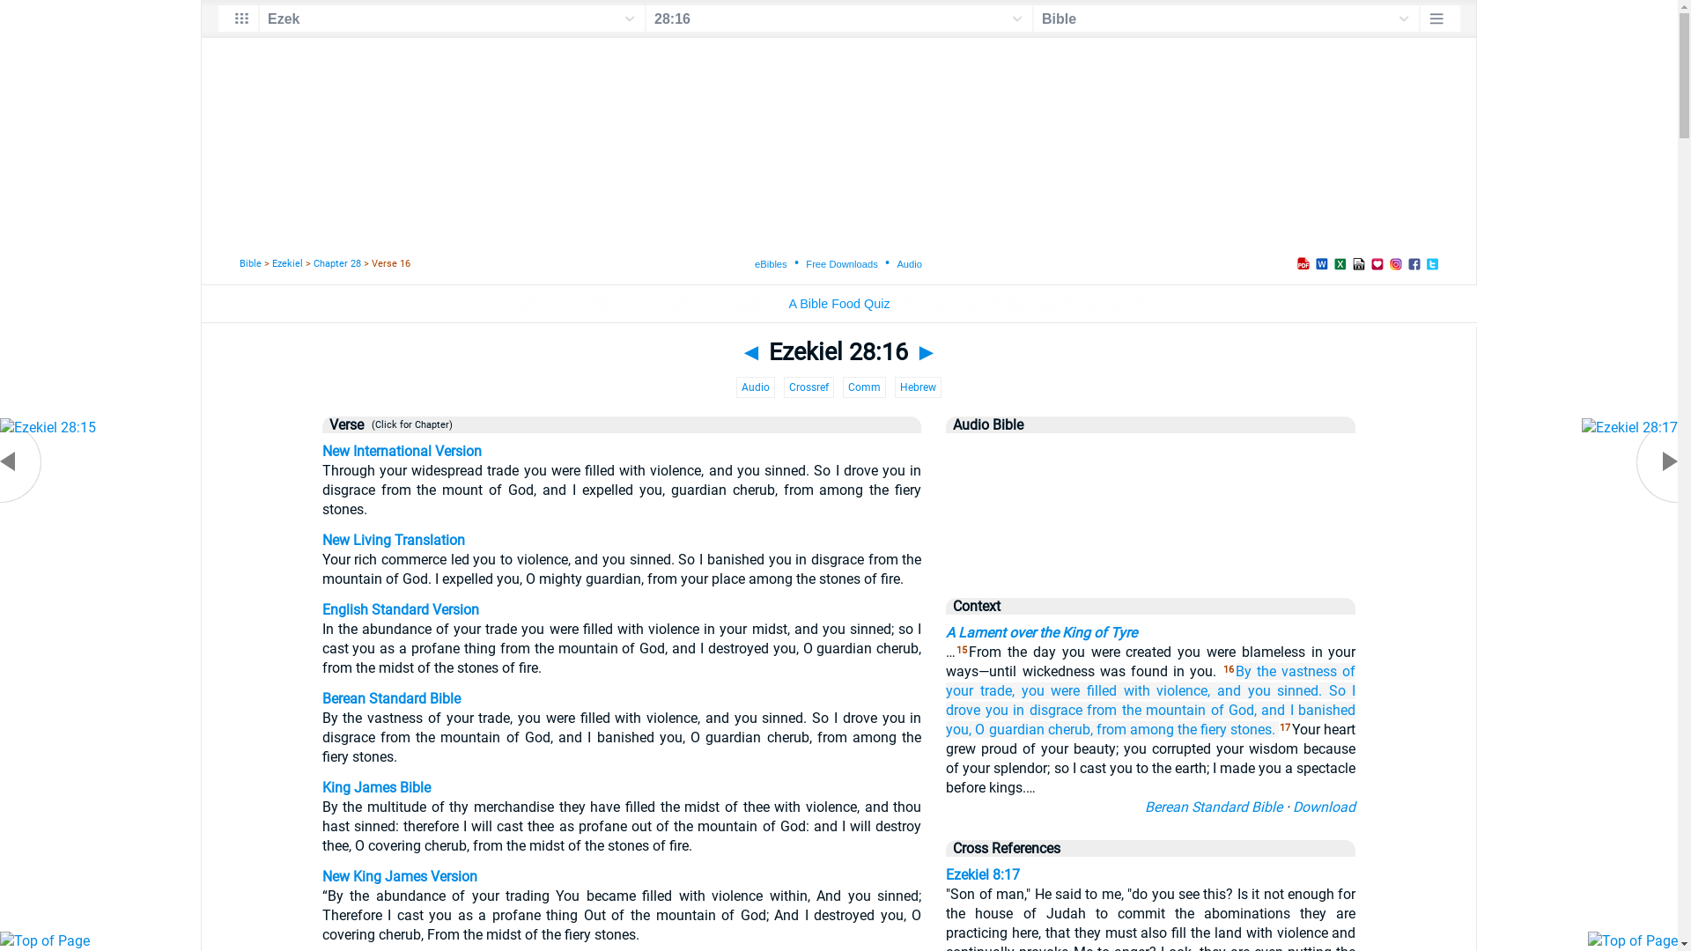 This screenshot has width=1691, height=951. I want to click on 'YouTube video player', so click(1150, 508).